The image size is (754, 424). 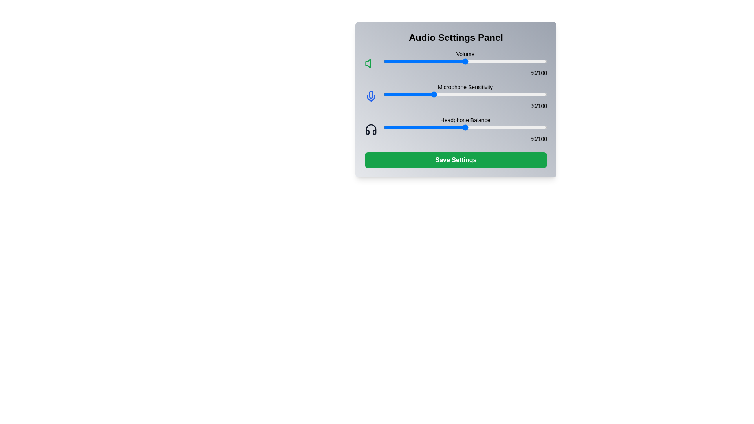 I want to click on headphone balance, so click(x=449, y=127).